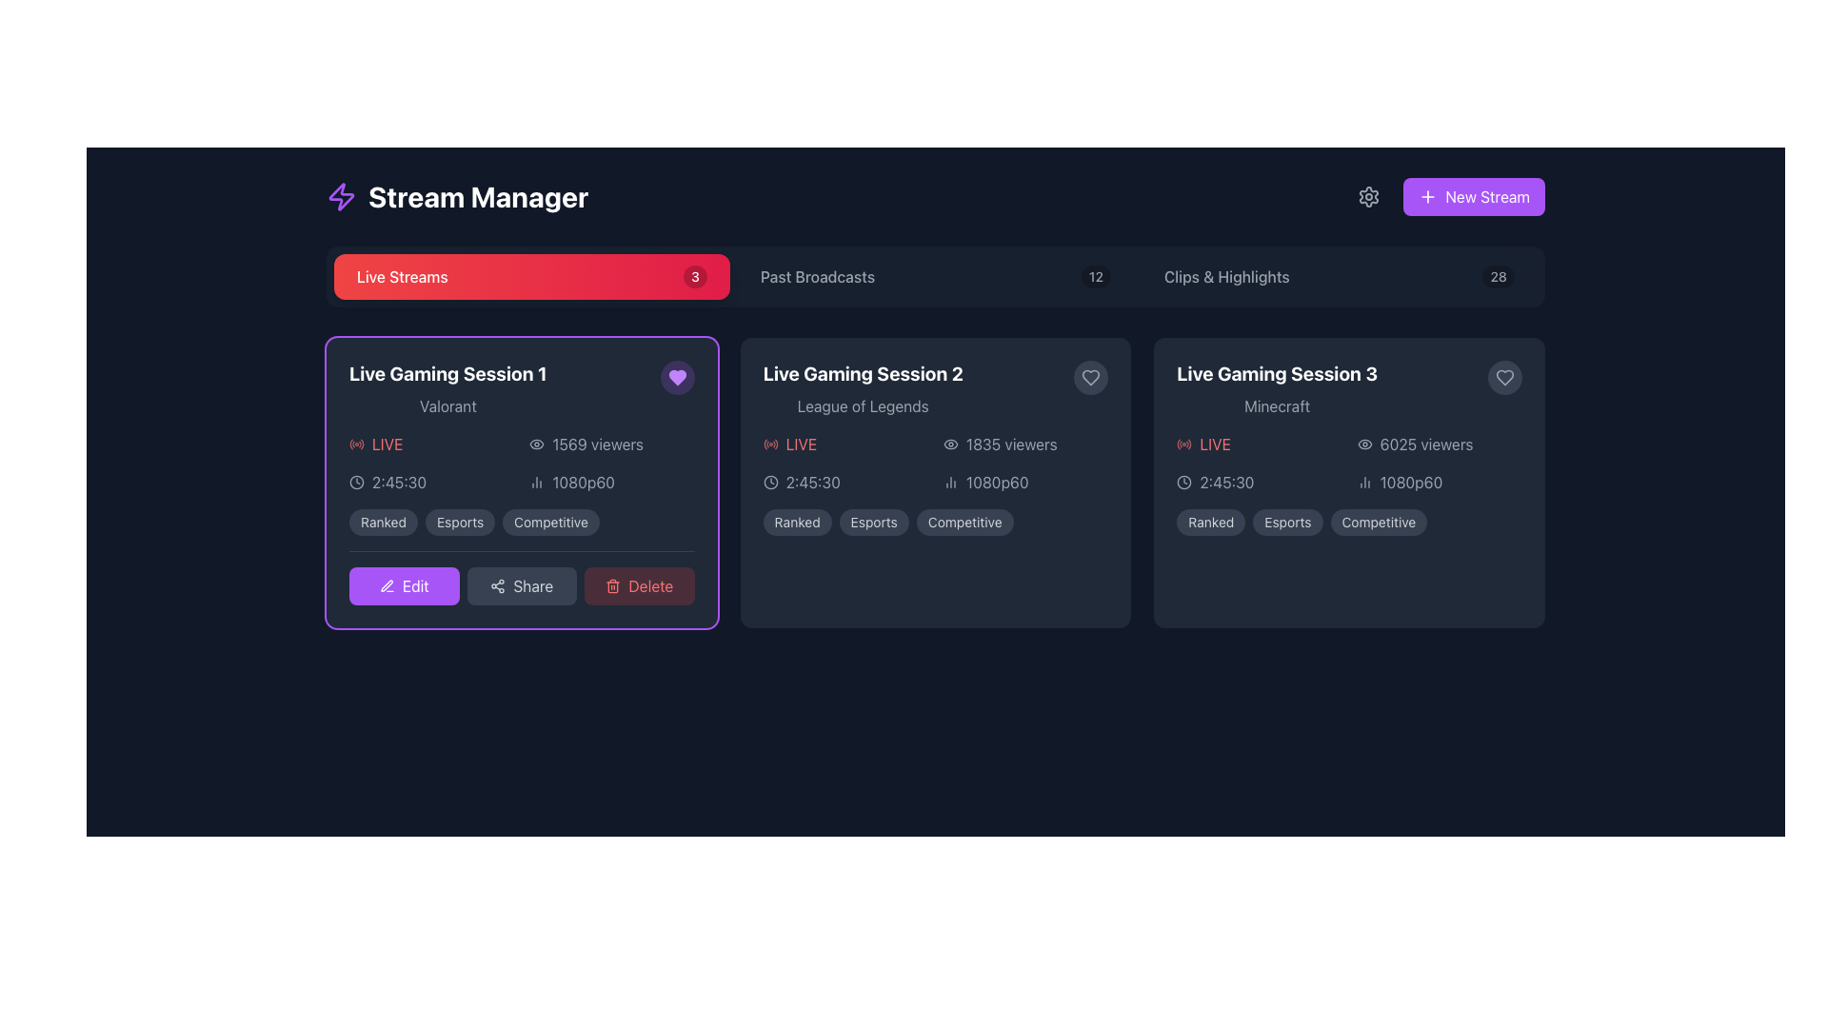 This screenshot has width=1828, height=1028. What do you see at coordinates (694, 276) in the screenshot?
I see `the displayed number on the Notification Badge that is located to the right of the 'Live Streams' button, which is a red rectangular button` at bounding box center [694, 276].